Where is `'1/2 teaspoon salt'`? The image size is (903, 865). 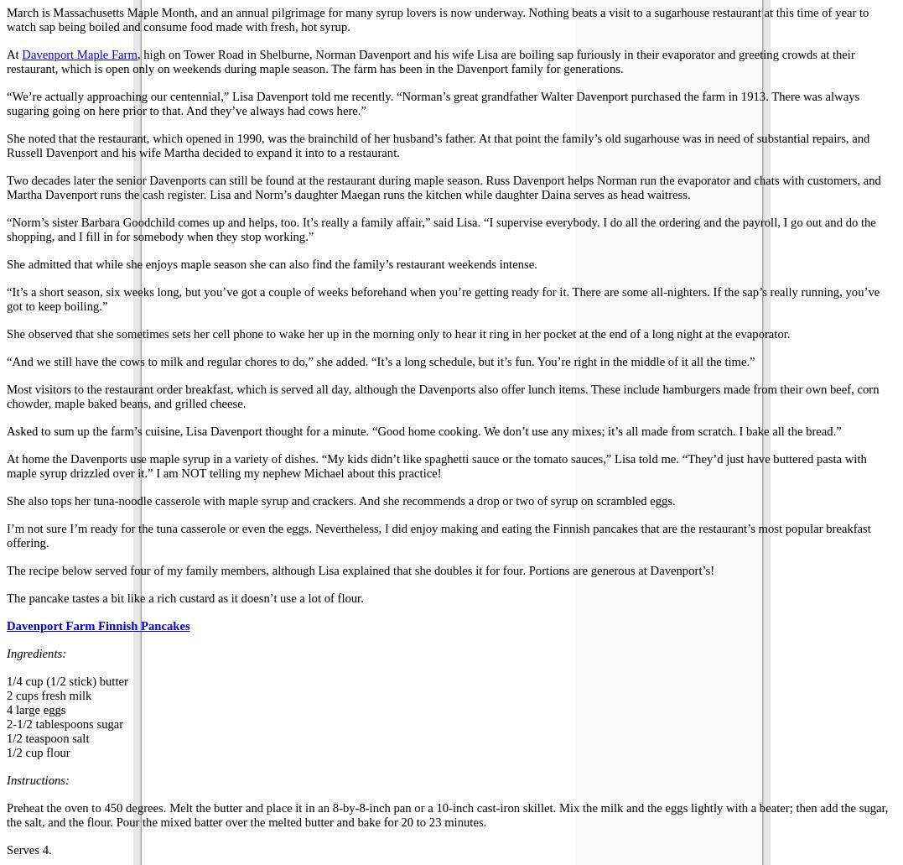 '1/2 teaspoon salt' is located at coordinates (47, 737).